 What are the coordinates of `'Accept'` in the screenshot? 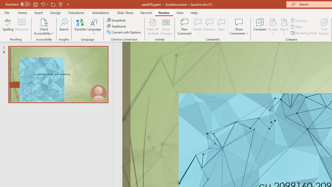 It's located at (272, 27).